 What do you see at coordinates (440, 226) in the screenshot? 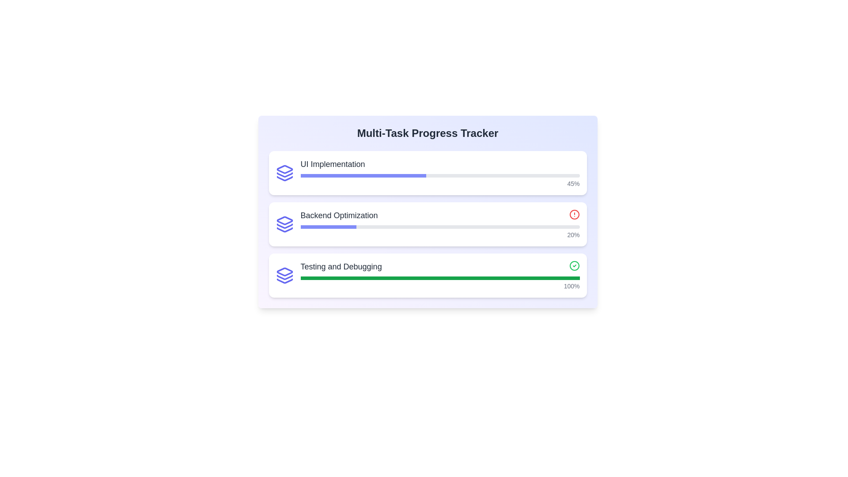
I see `the progress bar indicating '20%' completion in the 'Backend Optimization' section of the 'Multi-Task Progress Tracker' interface` at bounding box center [440, 226].